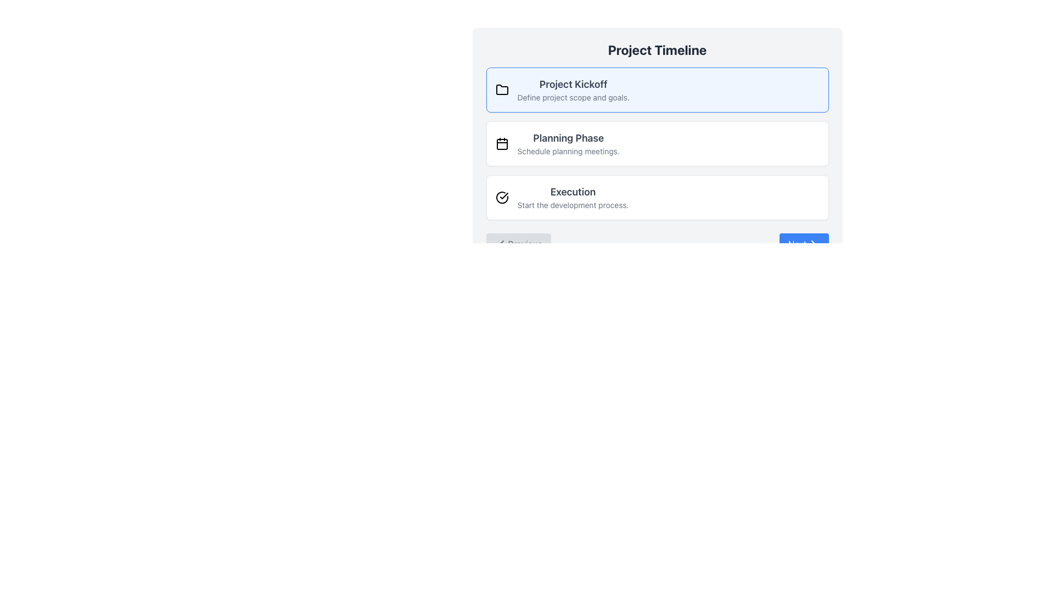 The image size is (1054, 593). What do you see at coordinates (572, 197) in the screenshot?
I see `the static text label displaying the title 'Execution' and subtitle 'Start the development process.' located in the 'Project Timeline' interface` at bounding box center [572, 197].